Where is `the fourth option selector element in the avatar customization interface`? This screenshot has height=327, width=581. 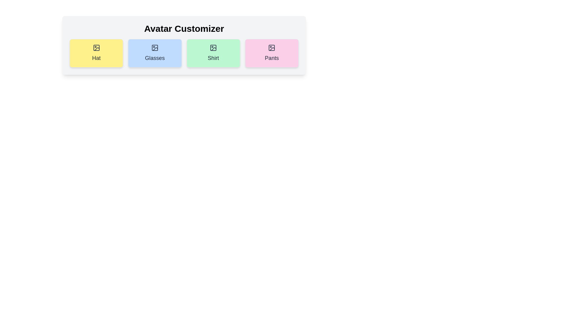
the fourth option selector element in the avatar customization interface is located at coordinates (271, 53).